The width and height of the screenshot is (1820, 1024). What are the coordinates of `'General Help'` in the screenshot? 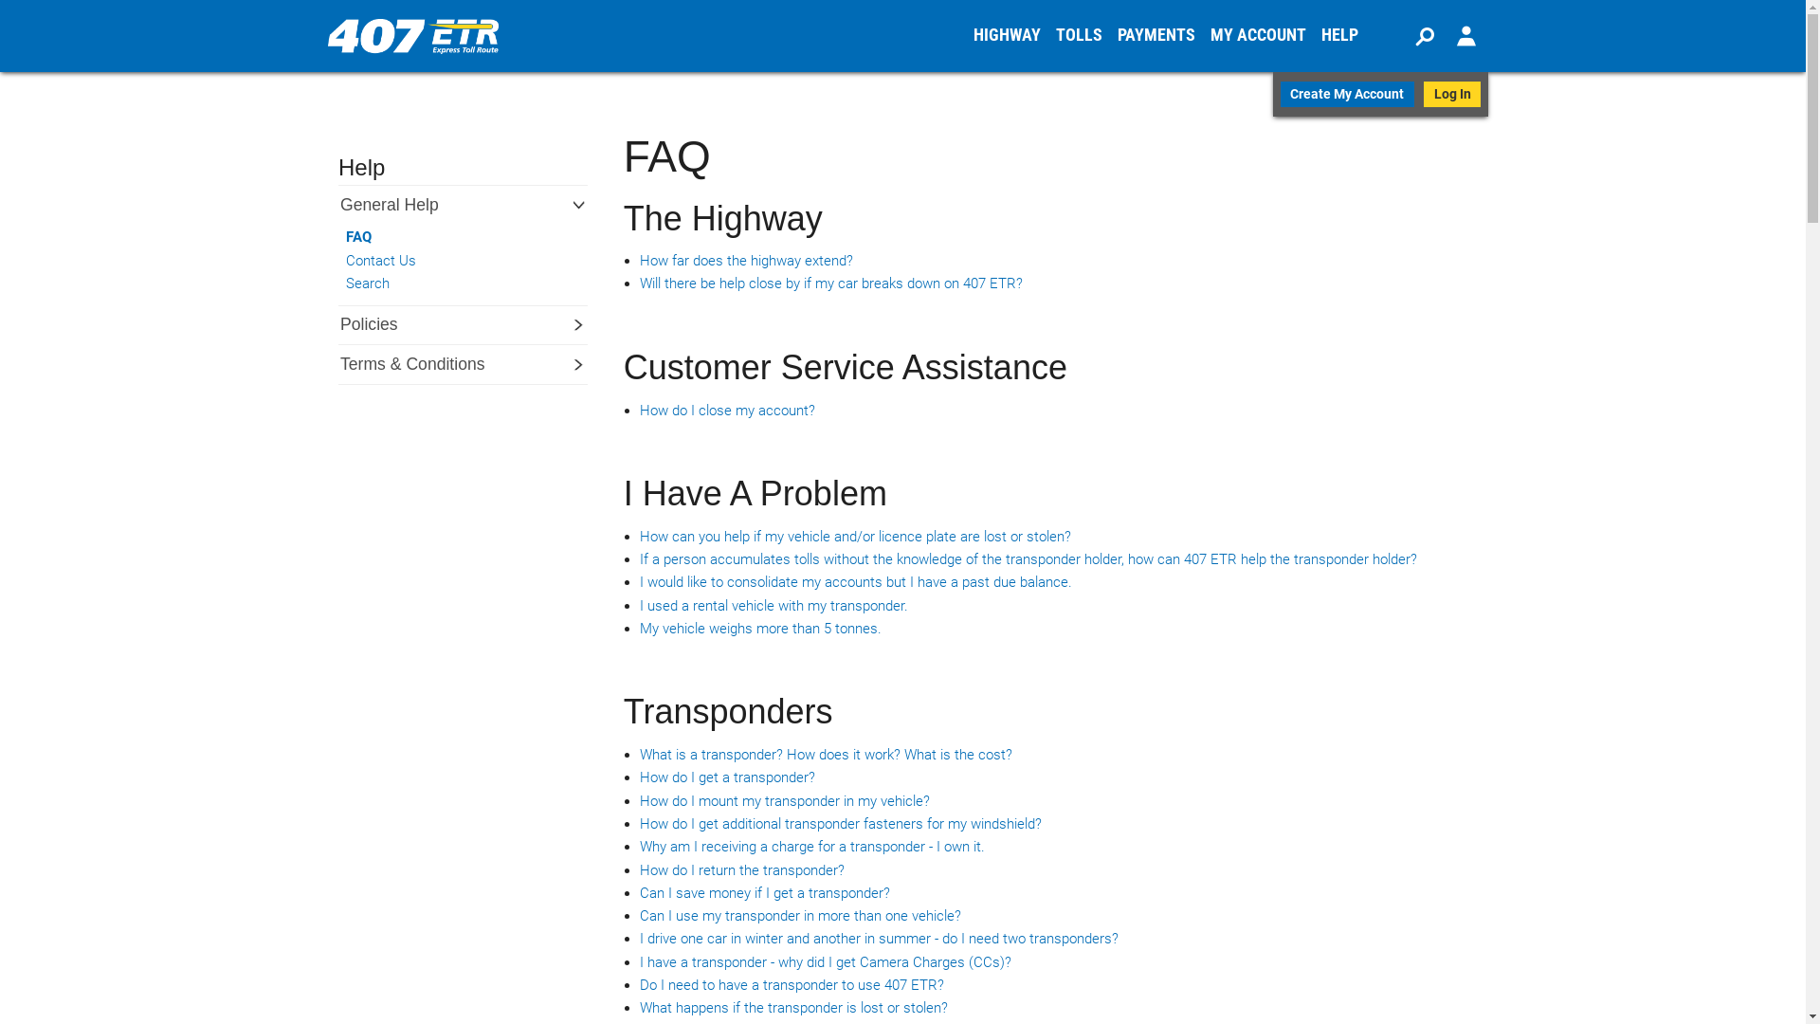 It's located at (399, 205).